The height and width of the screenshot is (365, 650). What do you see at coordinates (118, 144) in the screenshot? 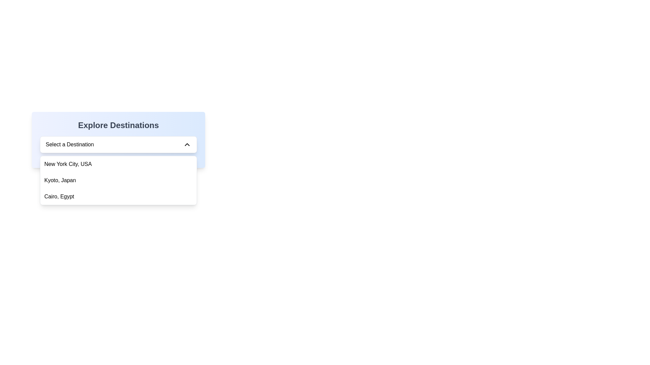
I see `the dropdown menu located in the 'Explore Destinations' card` at bounding box center [118, 144].